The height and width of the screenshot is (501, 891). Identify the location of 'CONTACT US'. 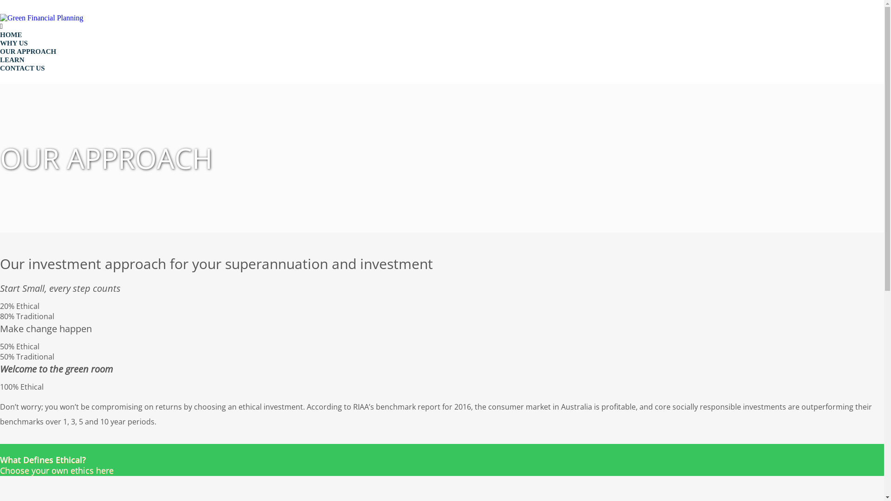
(22, 67).